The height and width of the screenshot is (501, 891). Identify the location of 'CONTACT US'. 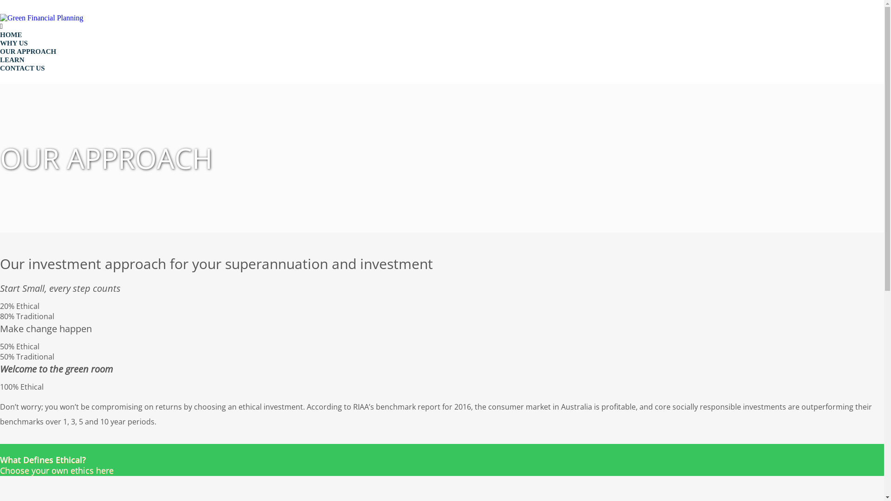
(22, 67).